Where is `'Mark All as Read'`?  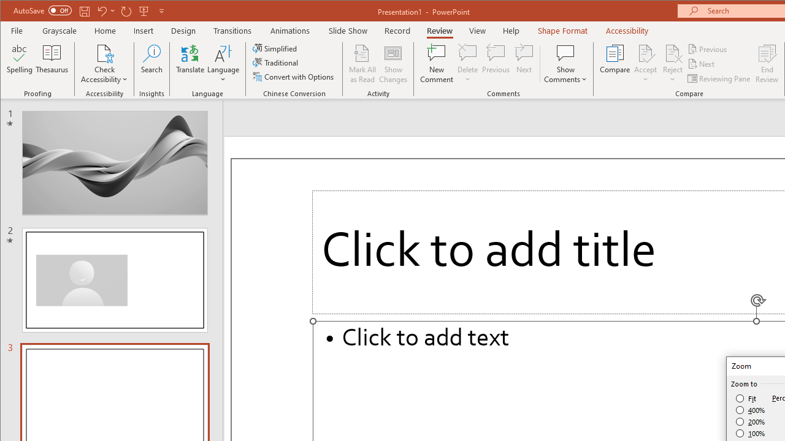 'Mark All as Read' is located at coordinates (362, 64).